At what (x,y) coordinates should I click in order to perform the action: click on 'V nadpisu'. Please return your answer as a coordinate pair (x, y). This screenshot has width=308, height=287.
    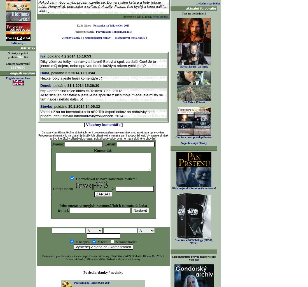
    Looking at the image, I should click on (83, 241).